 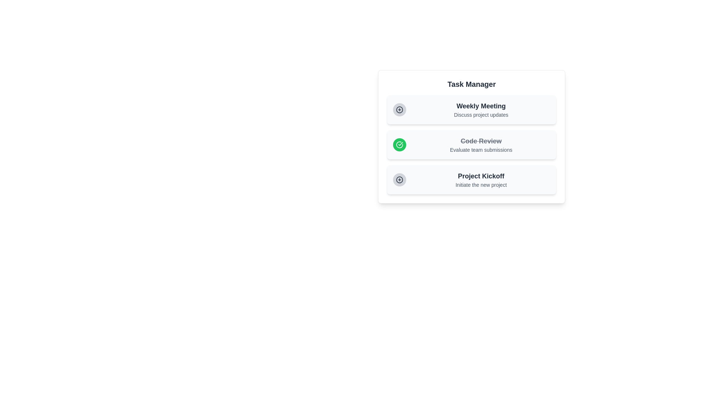 I want to click on the status indicator button next to the 'Code Review' entry, so click(x=399, y=145).